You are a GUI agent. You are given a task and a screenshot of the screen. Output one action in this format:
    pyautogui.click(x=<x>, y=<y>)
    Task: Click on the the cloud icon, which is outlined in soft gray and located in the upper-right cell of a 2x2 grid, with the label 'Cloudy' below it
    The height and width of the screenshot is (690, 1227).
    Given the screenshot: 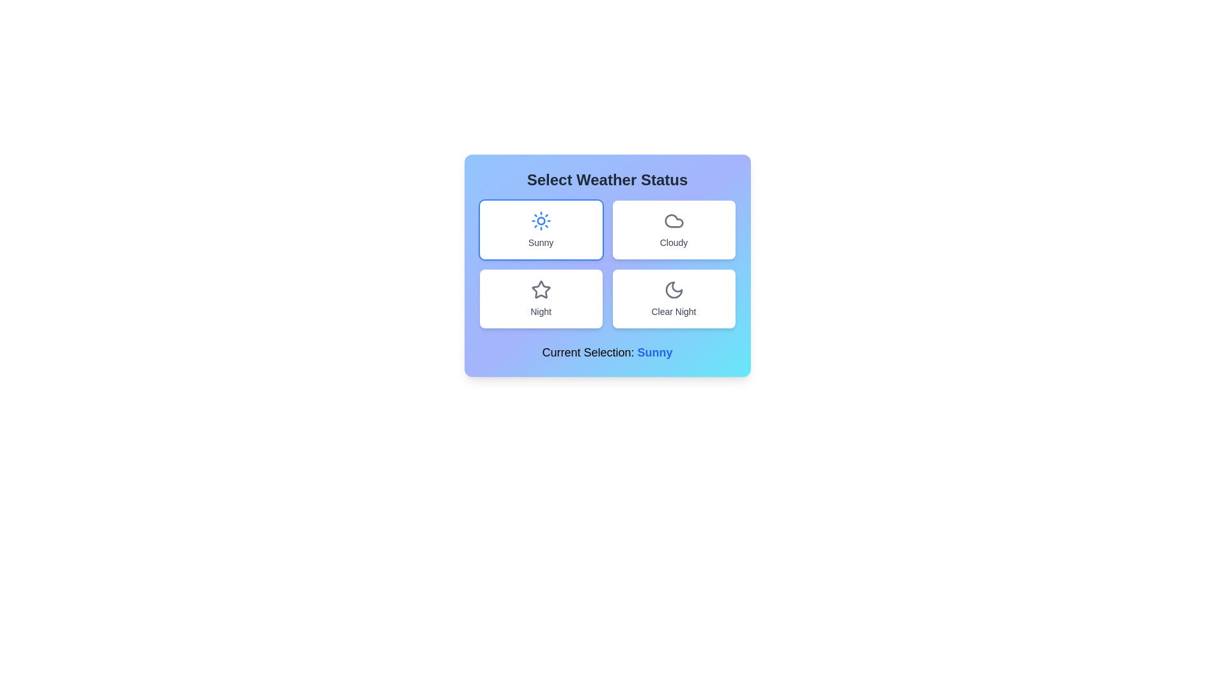 What is the action you would take?
    pyautogui.click(x=673, y=220)
    